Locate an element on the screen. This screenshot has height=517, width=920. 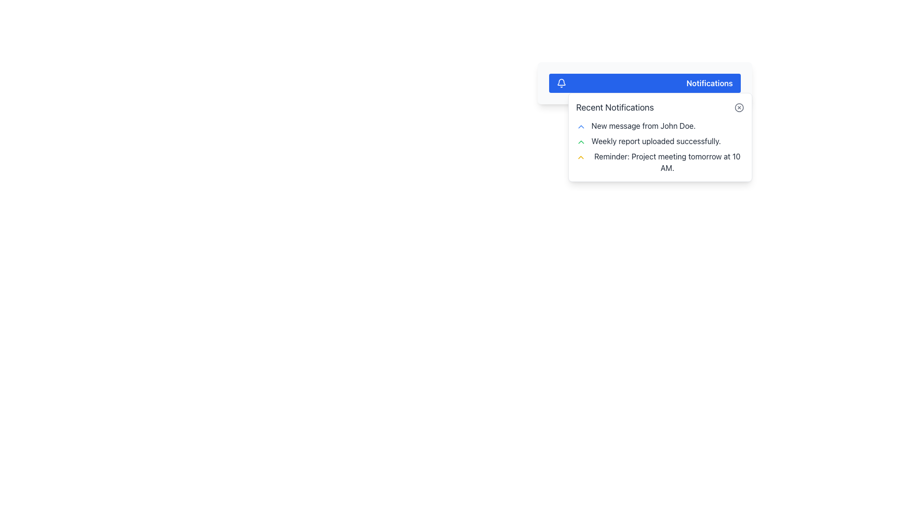
the Notification Item displaying 'Weekly report uploaded successfully.' in the Recent Notifications list is located at coordinates (659, 141).